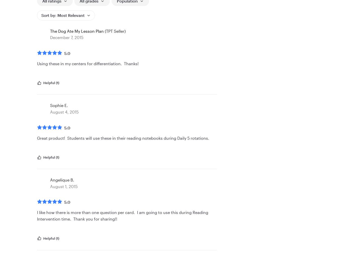  I want to click on '(TPT Seller)', so click(114, 31).